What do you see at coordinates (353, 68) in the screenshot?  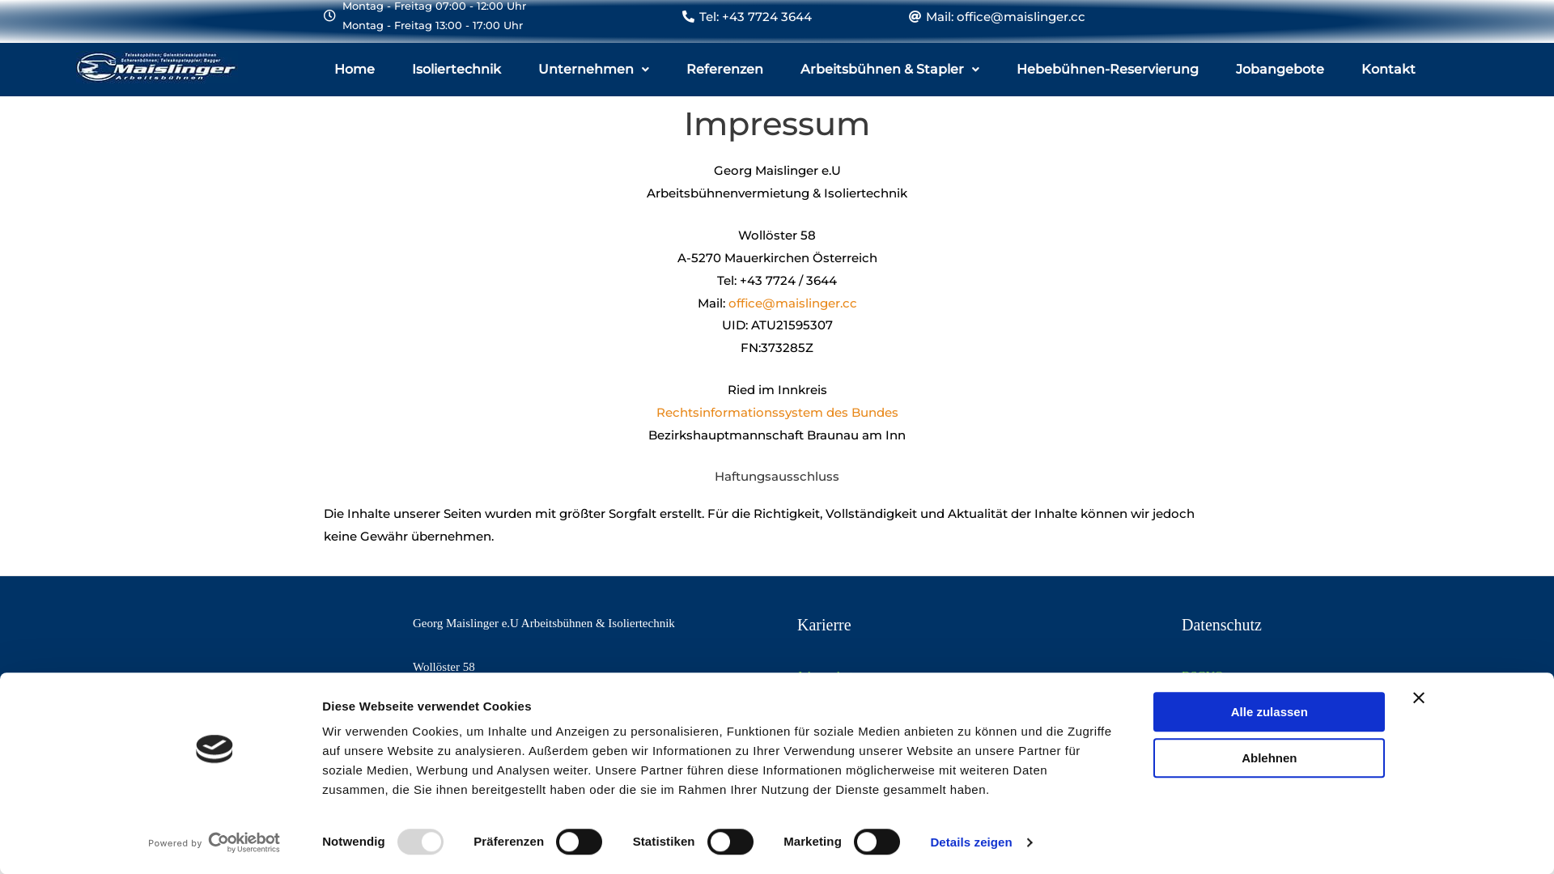 I see `'Home'` at bounding box center [353, 68].